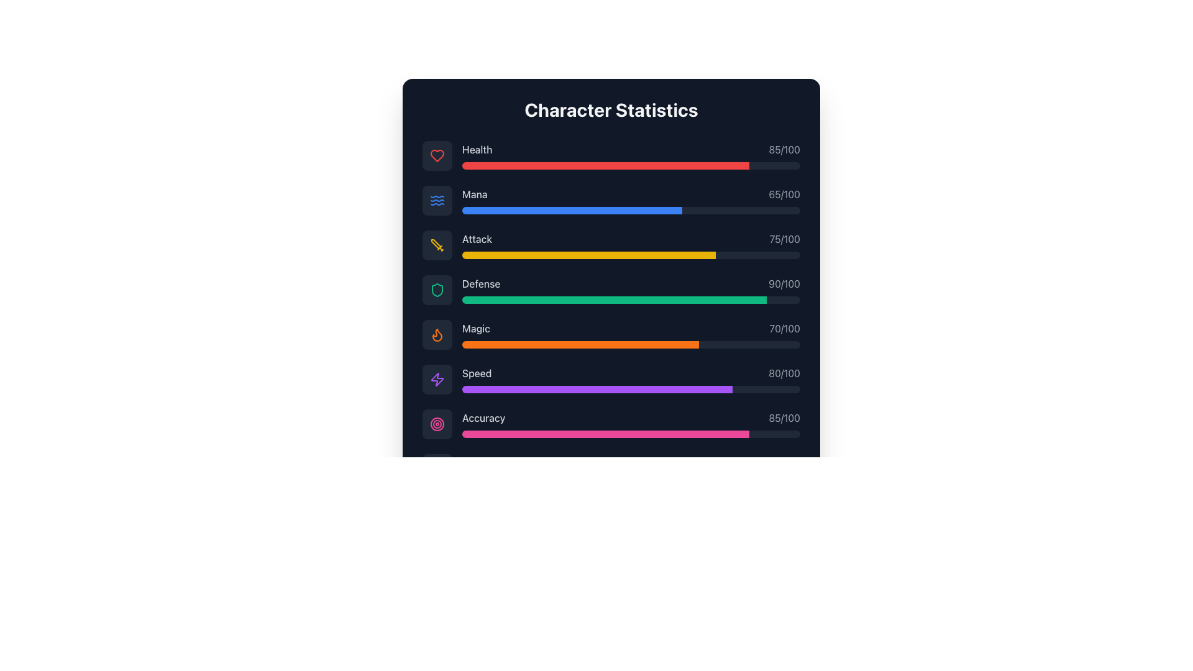 The image size is (1193, 671). I want to click on the icon representing the 'Accuracy' statistic category, located on the rightmost section of the interface, so click(437, 423).